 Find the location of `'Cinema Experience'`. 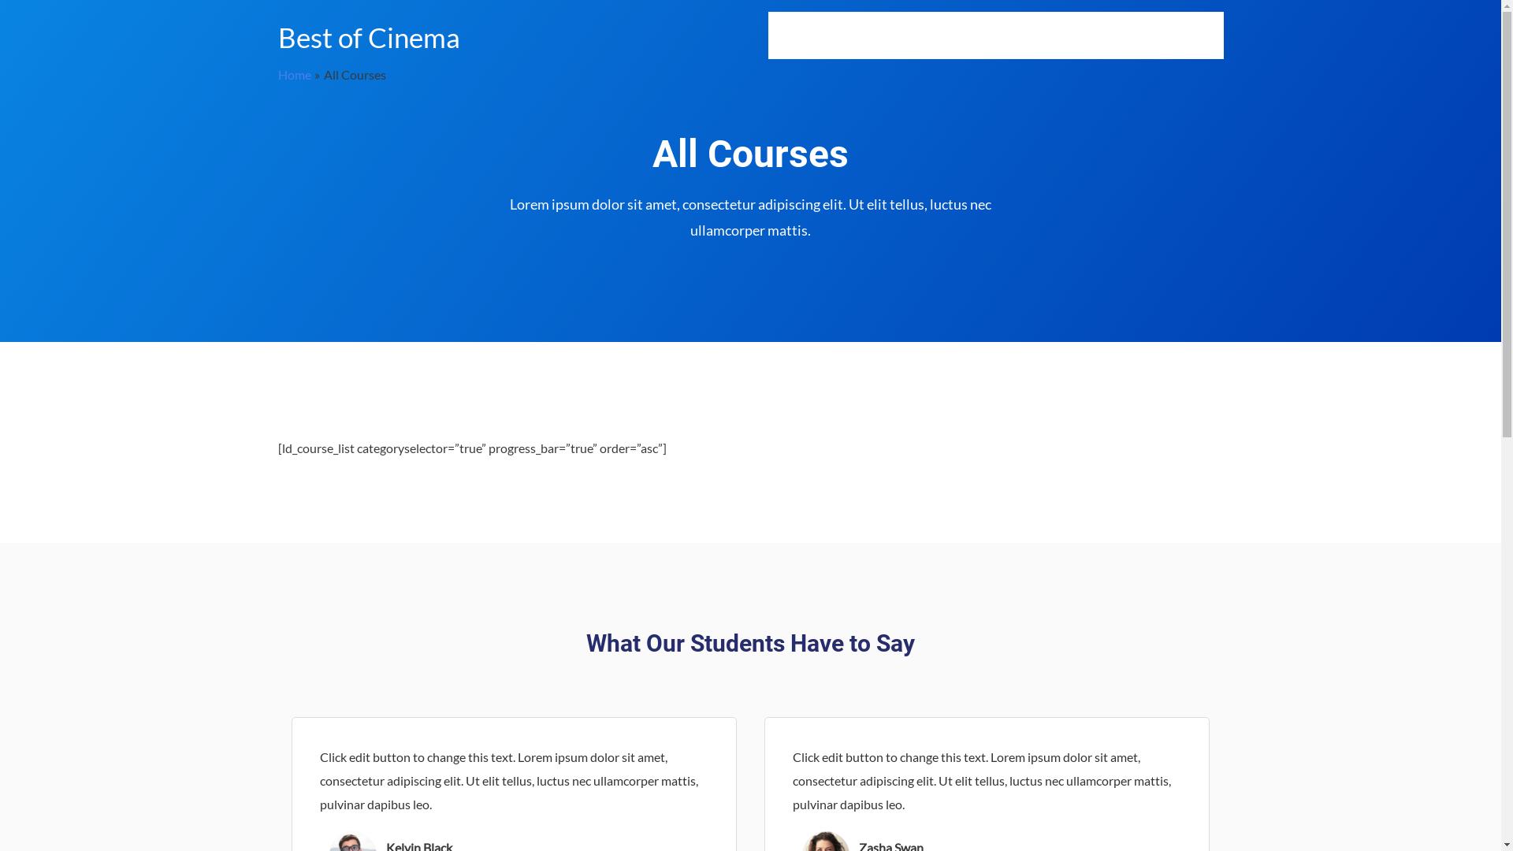

'Cinema Experience' is located at coordinates (884, 35).